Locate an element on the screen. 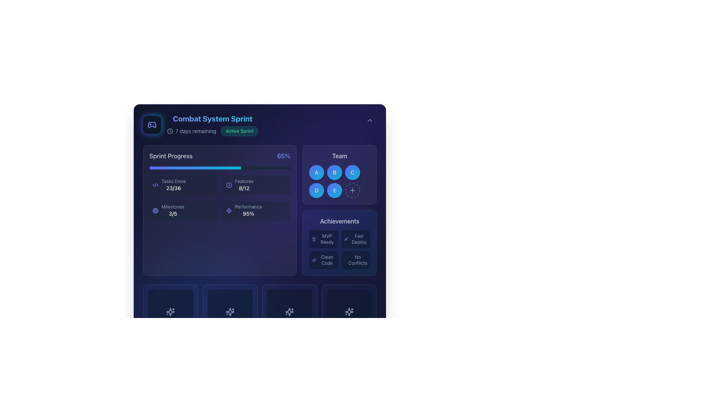 This screenshot has height=405, width=721. the representation of the branch structure icon located in the 'No Conflicts' section of the 'Achievements' group, positioned to the right of the 'No Conflicts' text label is located at coordinates (344, 260).